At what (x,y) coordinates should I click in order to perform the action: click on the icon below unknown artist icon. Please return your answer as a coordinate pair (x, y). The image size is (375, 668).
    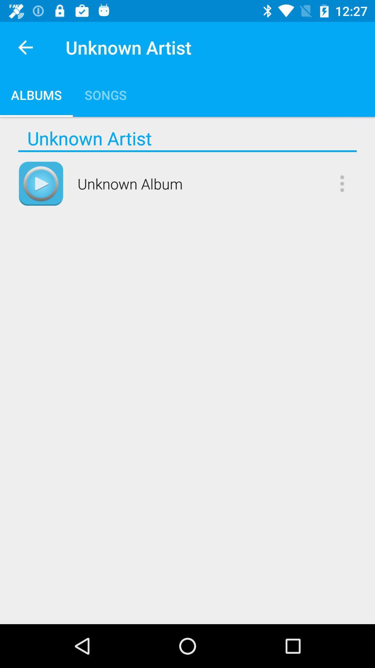
    Looking at the image, I should click on (187, 151).